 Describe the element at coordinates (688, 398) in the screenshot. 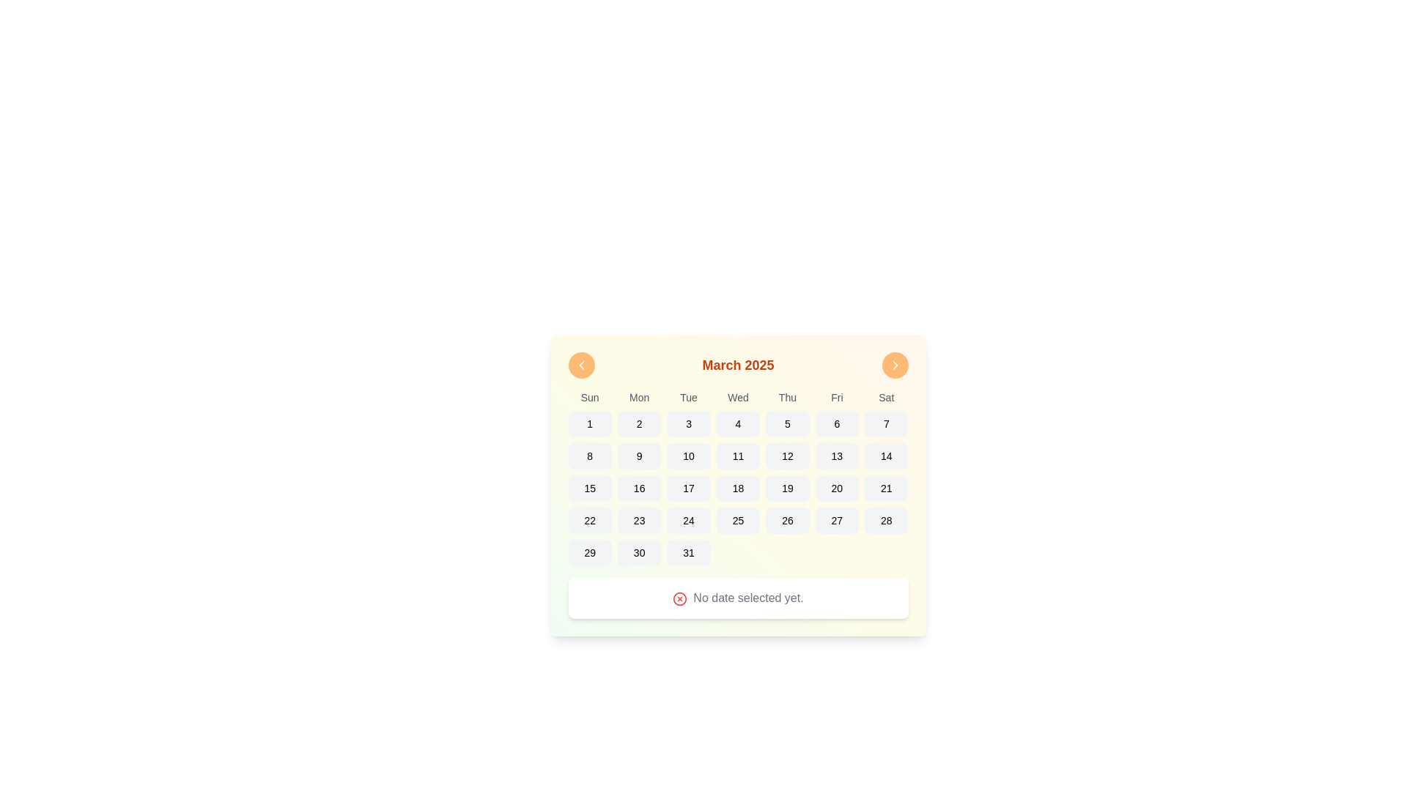

I see `the static text label indicating 'Tuesday' in the calendar layout, which is the third item in the header row of weekday names` at that location.